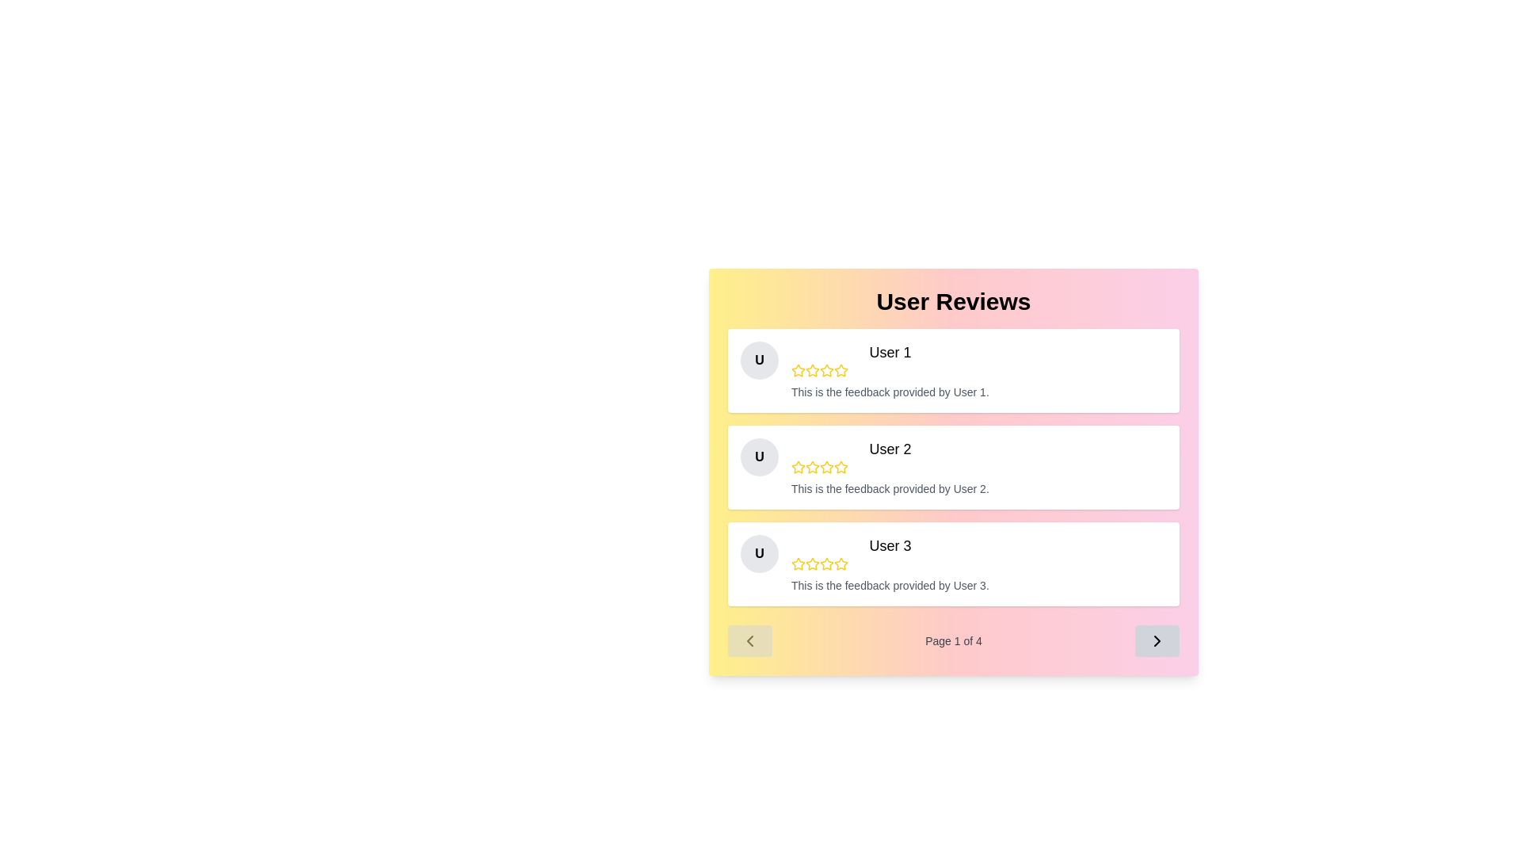 The width and height of the screenshot is (1521, 856). What do you see at coordinates (813, 563) in the screenshot?
I see `the second star icon in the rating system for 'User 3'` at bounding box center [813, 563].